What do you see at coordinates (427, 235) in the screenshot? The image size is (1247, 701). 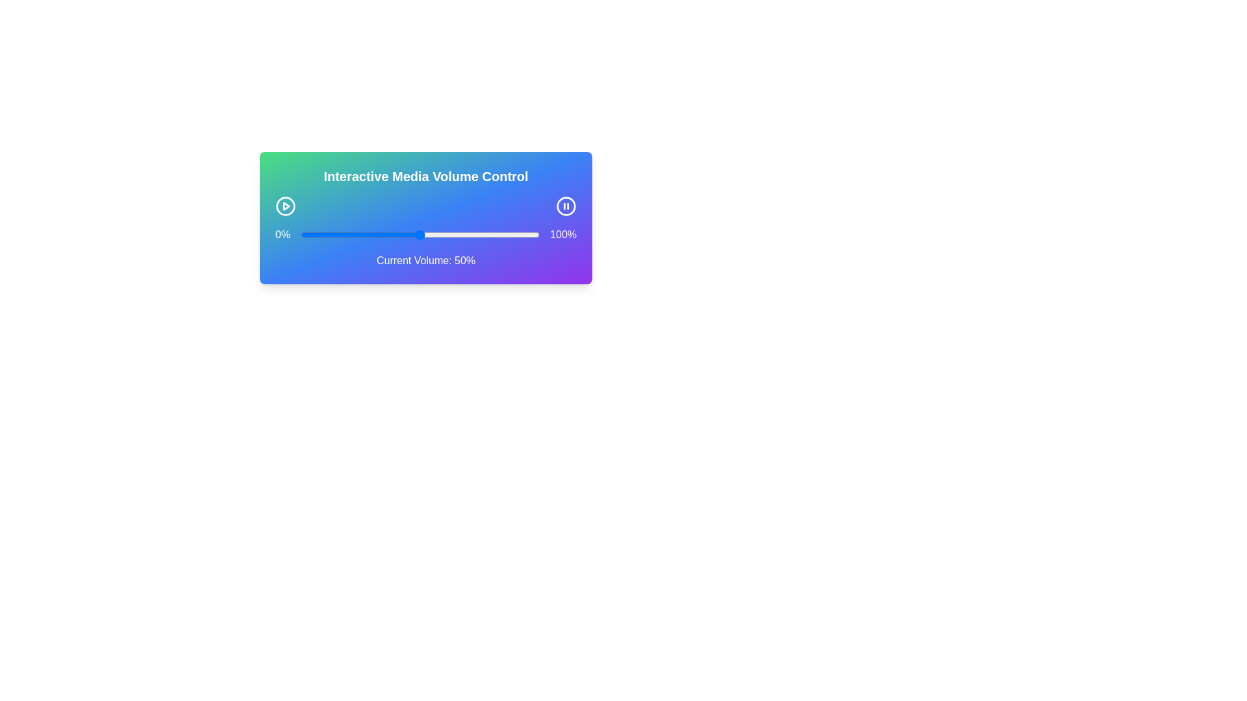 I see `the volume to 53% by dragging the slider` at bounding box center [427, 235].